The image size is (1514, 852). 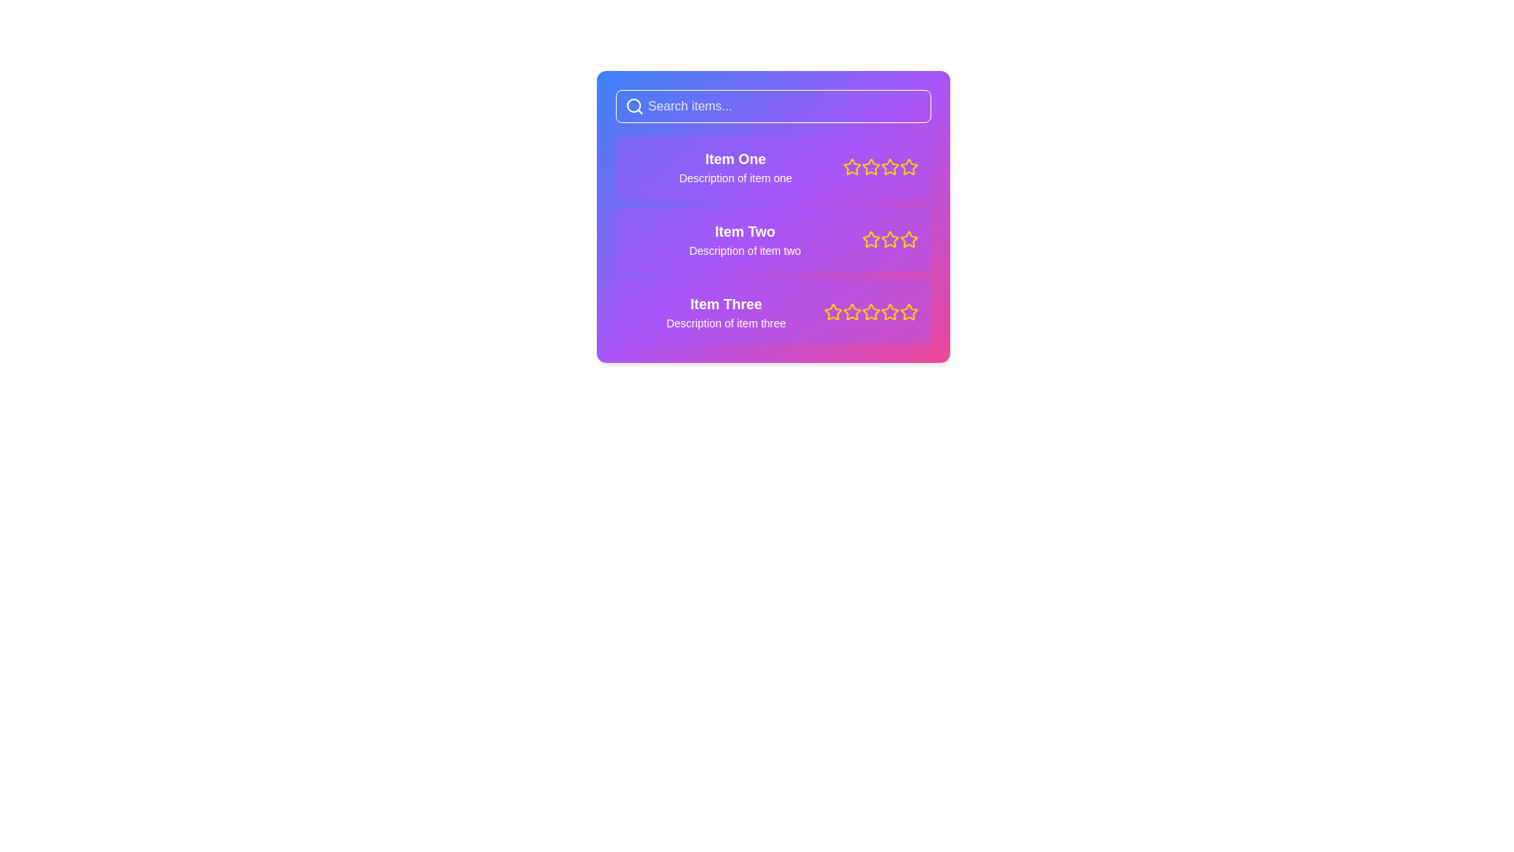 I want to click on the star in the second card of the vertical list, so click(x=773, y=216).